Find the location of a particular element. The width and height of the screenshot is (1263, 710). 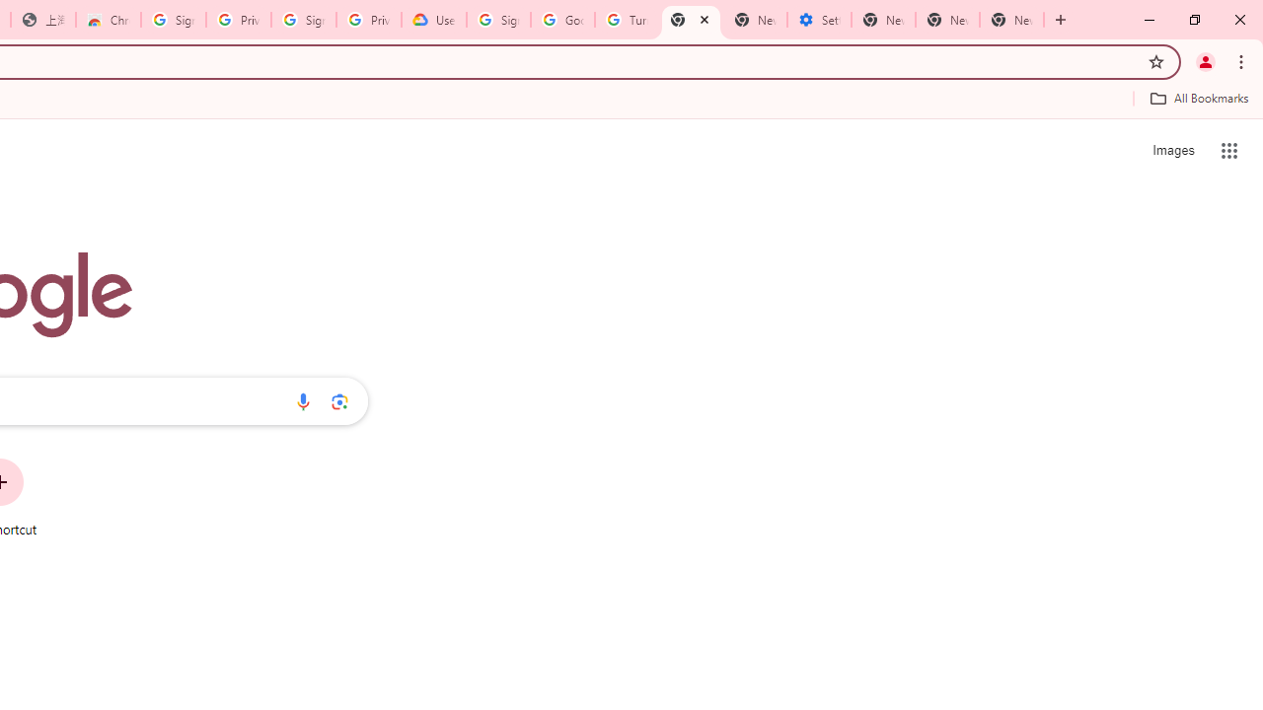

'Settings - System' is located at coordinates (819, 20).